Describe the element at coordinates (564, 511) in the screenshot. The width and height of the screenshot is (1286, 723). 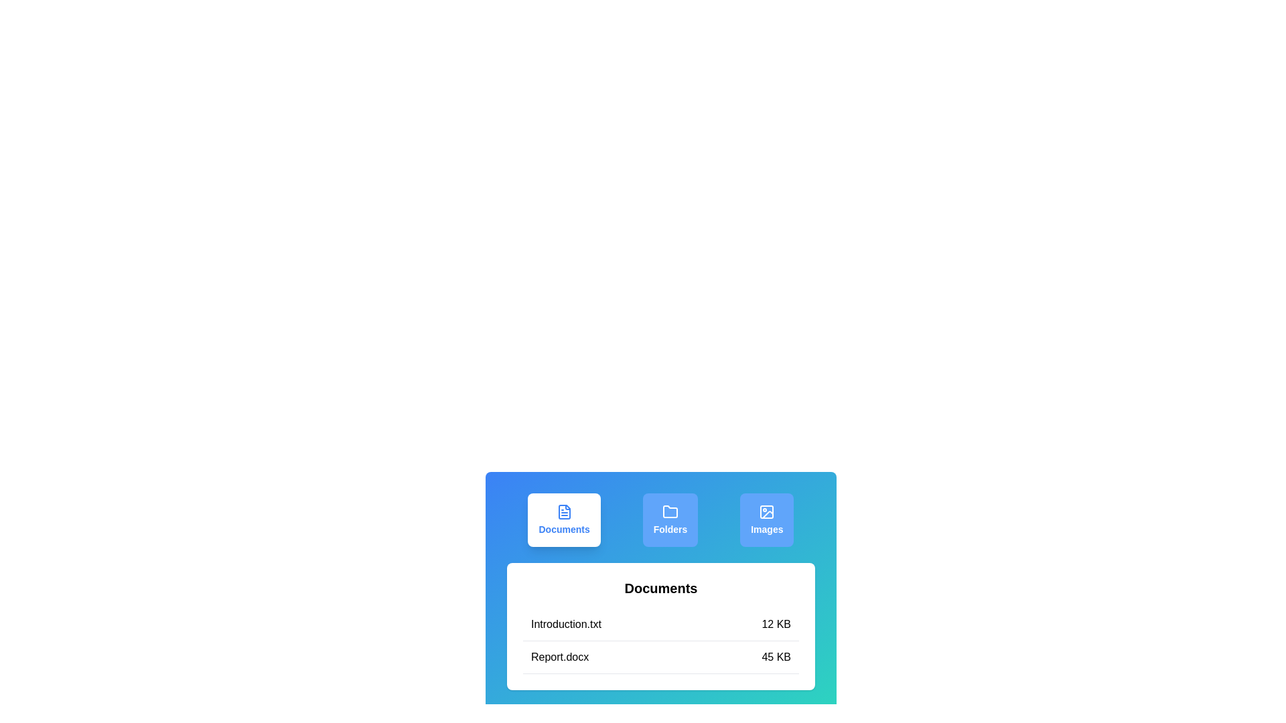
I see `the document icon with a white background and blue border located on the active 'Documents' tab, which is the first icon in a row of three icons` at that location.